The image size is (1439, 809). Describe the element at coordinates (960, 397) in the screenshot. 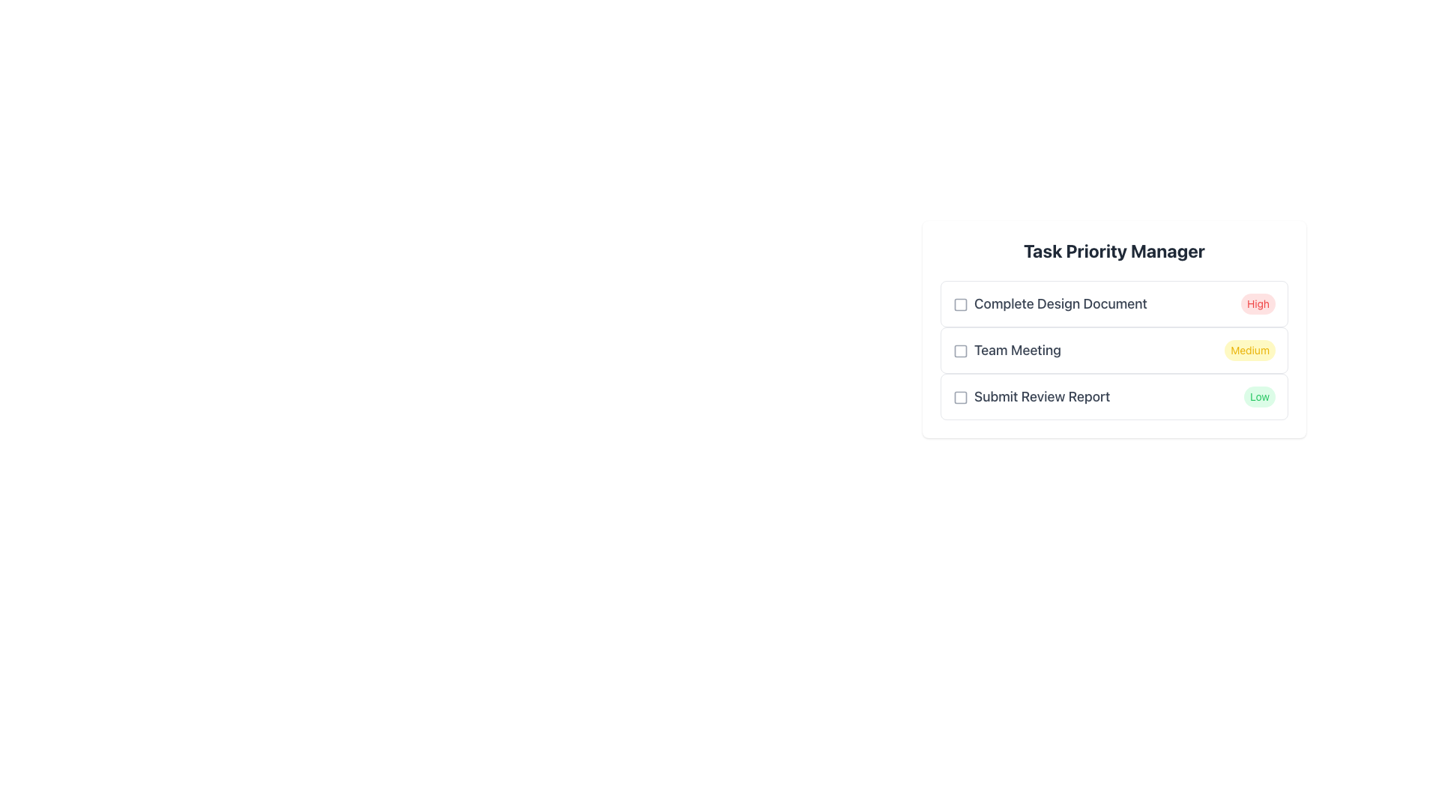

I see `the checkbox located to the left of the text 'Submit Review Report' in the Task Priority Manager` at that location.